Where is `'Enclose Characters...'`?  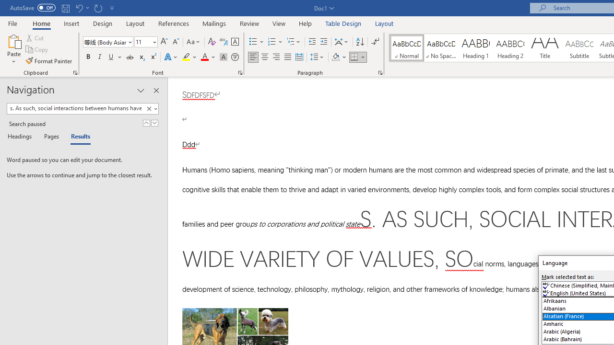 'Enclose Characters...' is located at coordinates (235, 57).